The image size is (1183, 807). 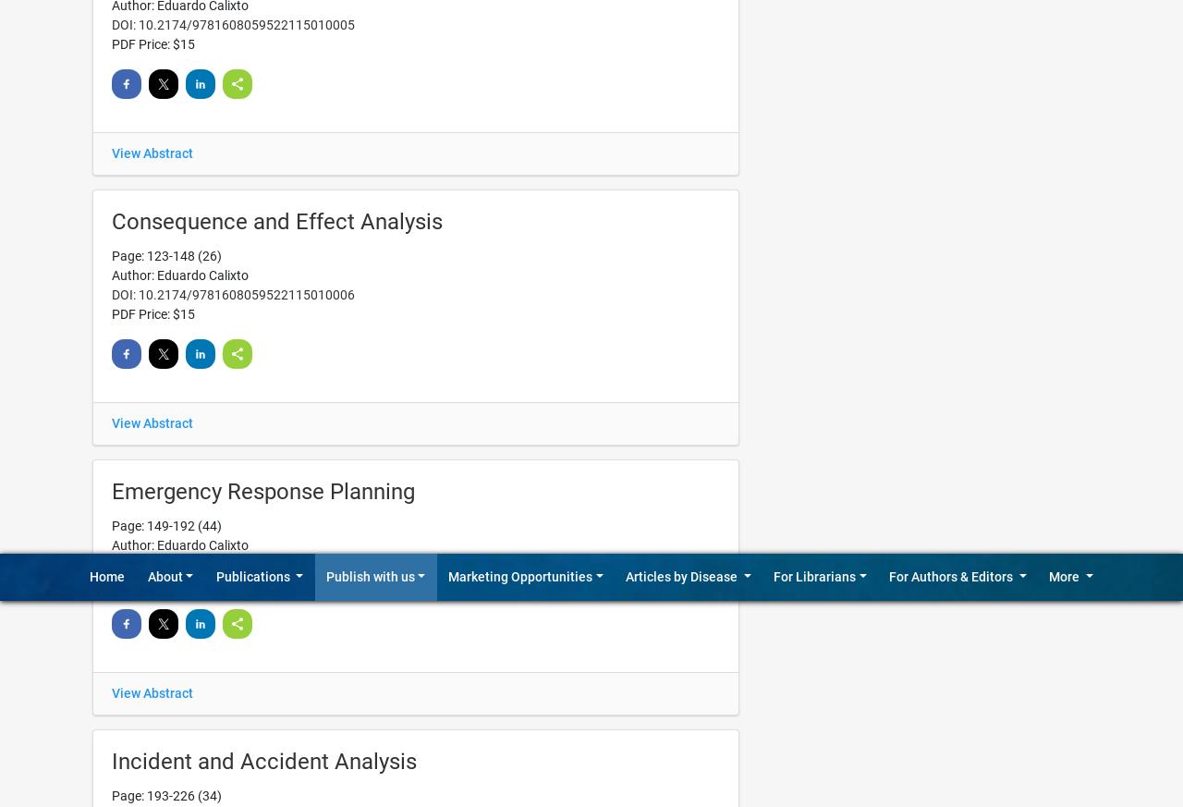 I want to click on 'Journals', so click(x=636, y=10).